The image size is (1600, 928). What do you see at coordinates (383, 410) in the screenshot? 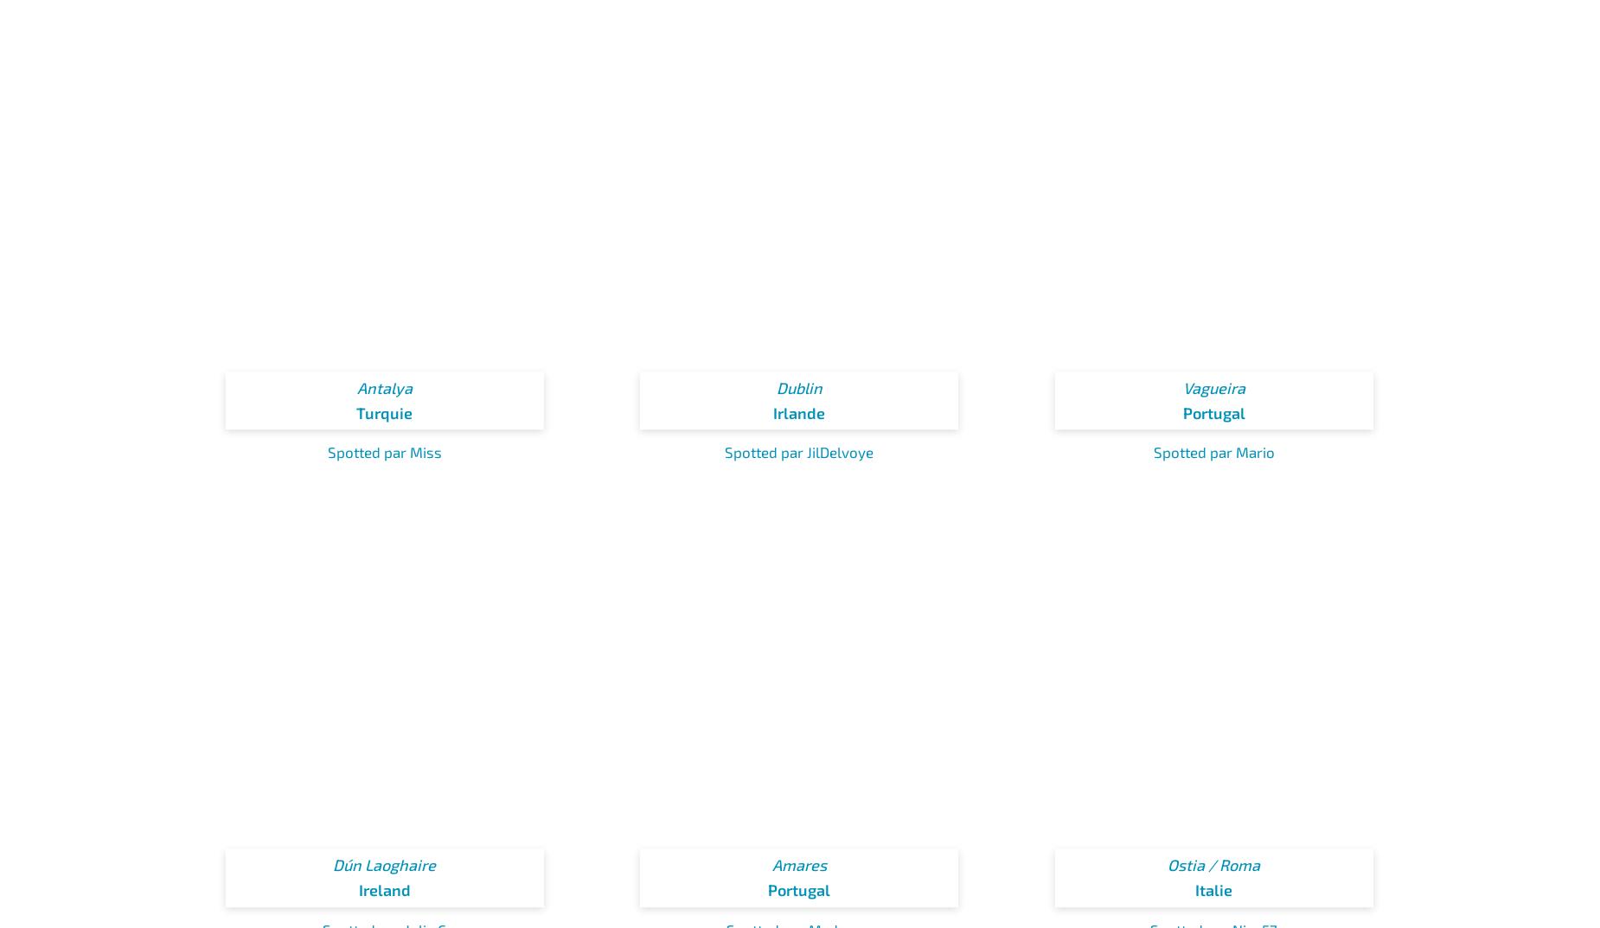
I see `'Turquie'` at bounding box center [383, 410].